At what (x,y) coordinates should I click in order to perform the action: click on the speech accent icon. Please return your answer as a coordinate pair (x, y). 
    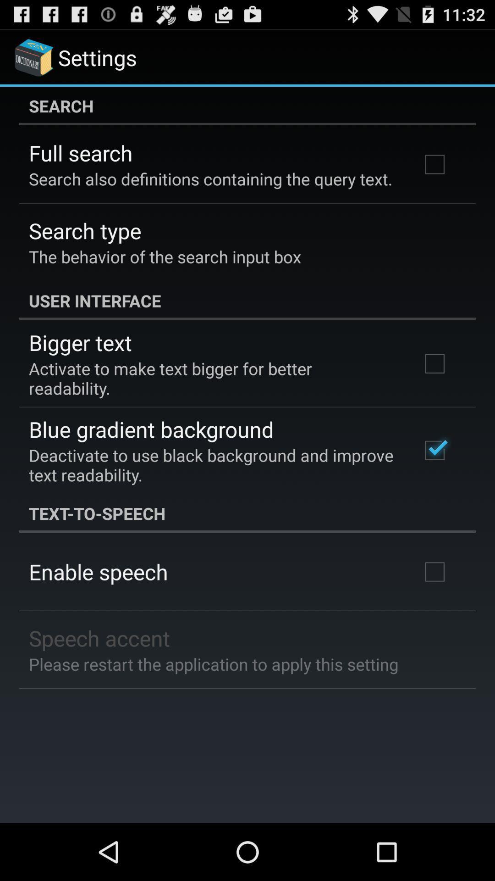
    Looking at the image, I should click on (99, 637).